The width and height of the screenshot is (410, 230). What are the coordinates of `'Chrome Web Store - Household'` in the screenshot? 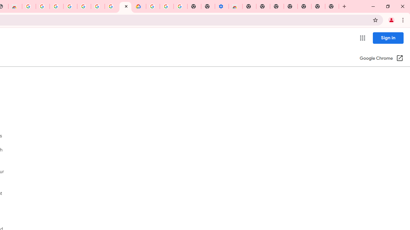 It's located at (15, 6).